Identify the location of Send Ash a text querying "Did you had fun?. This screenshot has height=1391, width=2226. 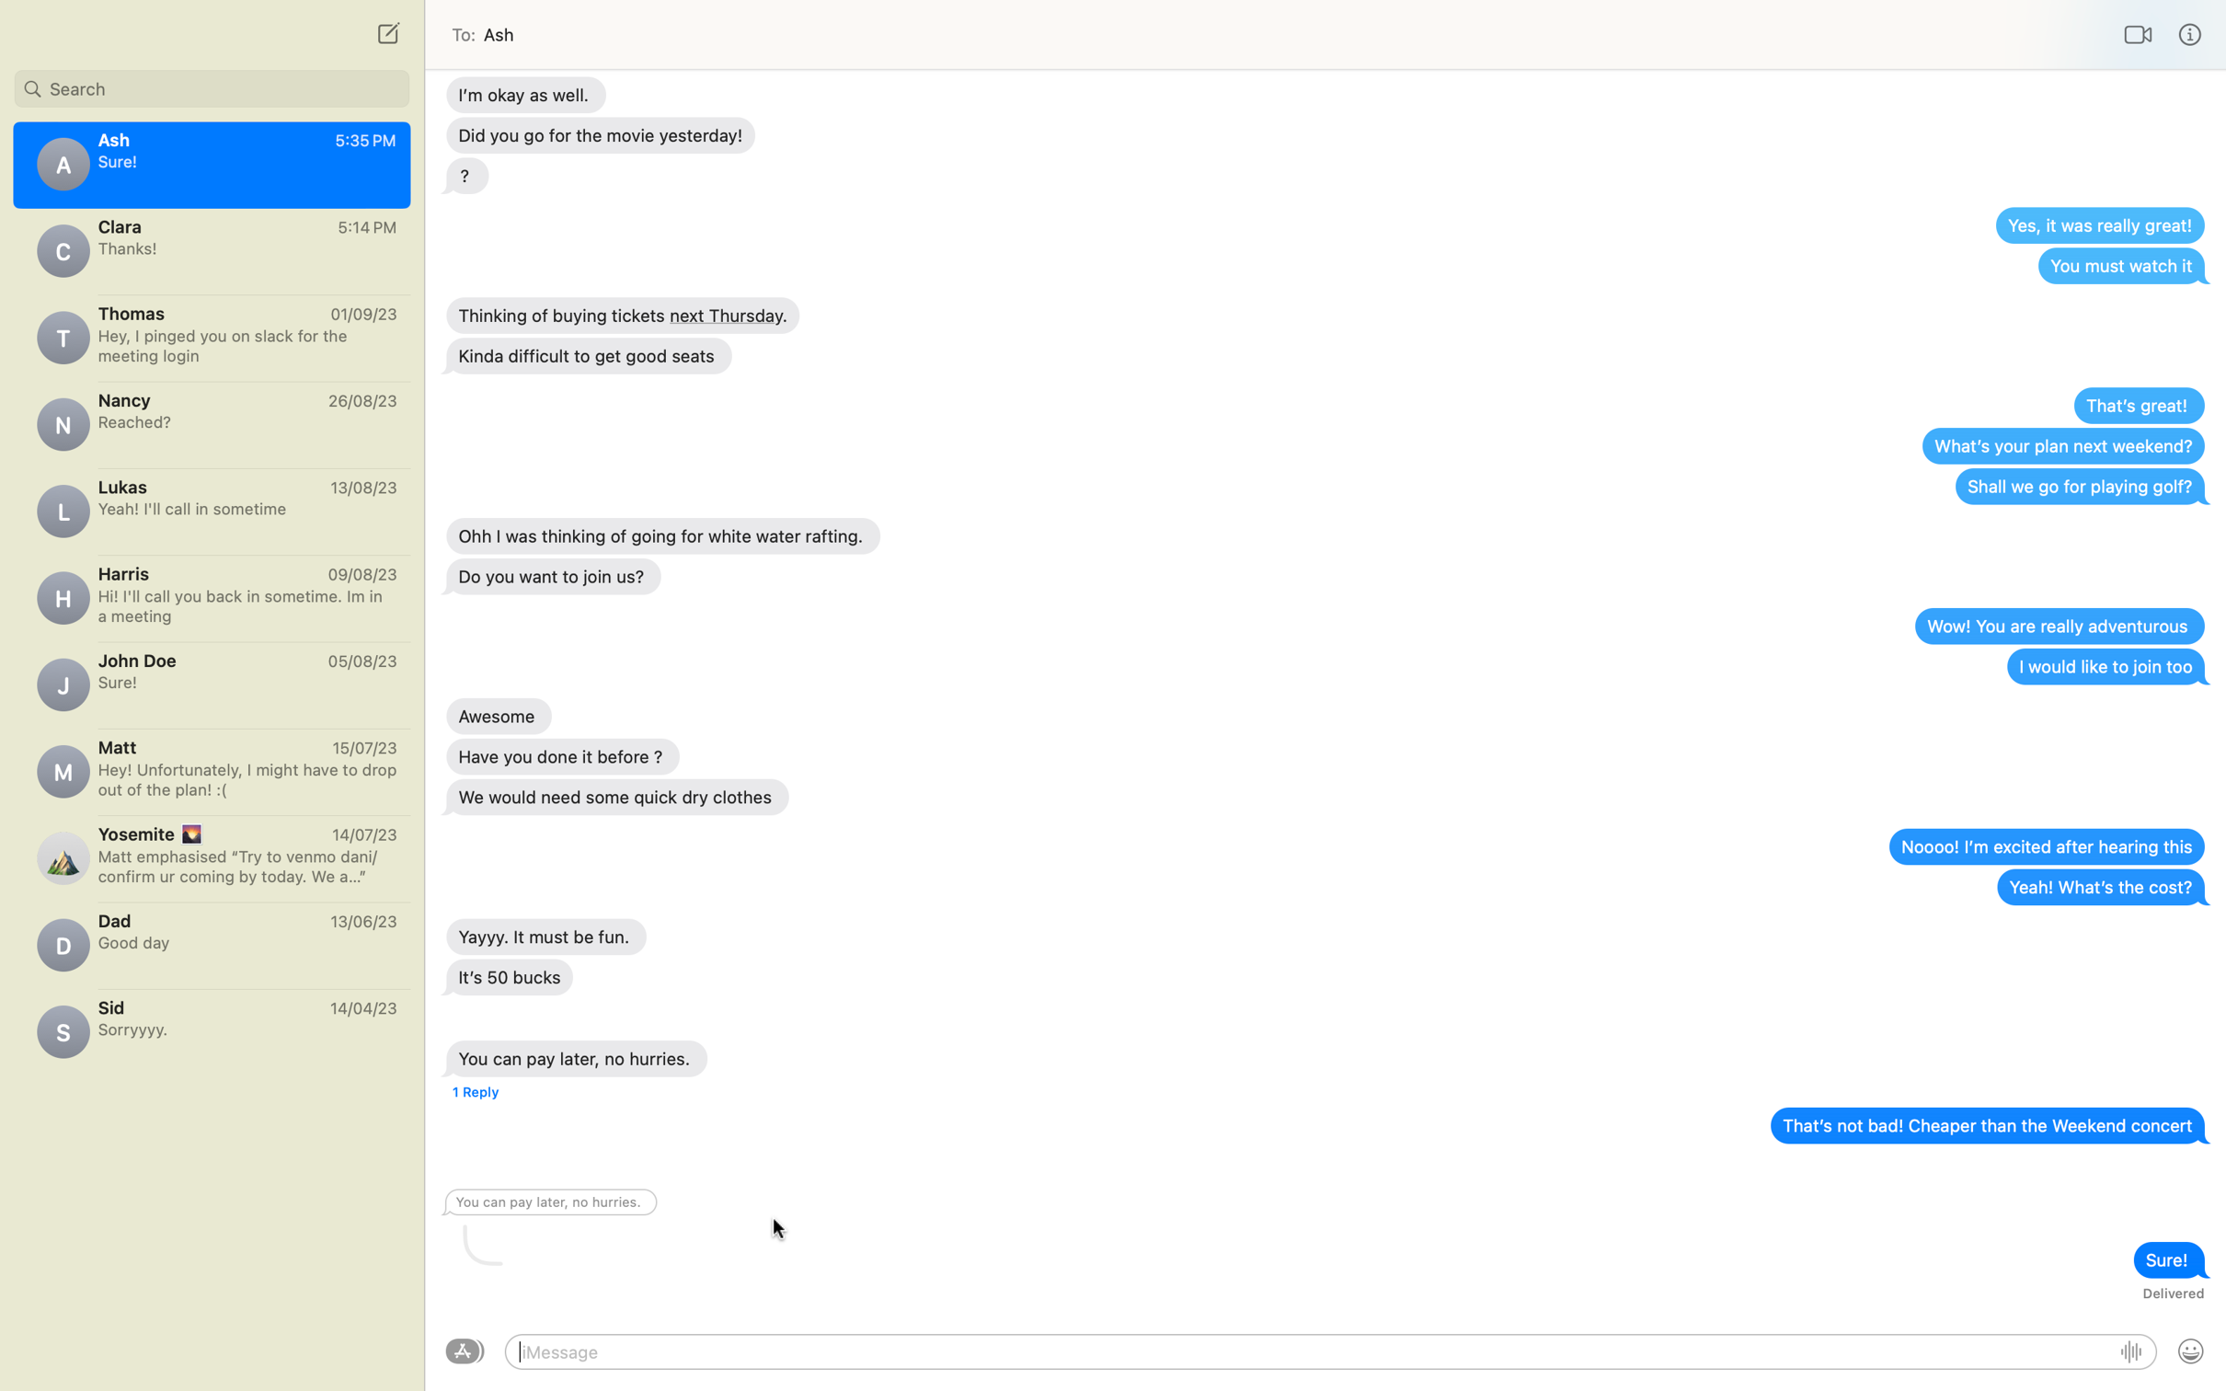
(211, 420).